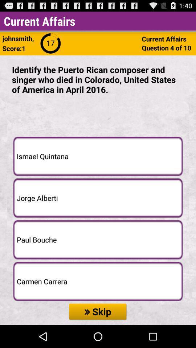 The width and height of the screenshot is (196, 348). I want to click on icon above the carmen carrera, so click(98, 240).